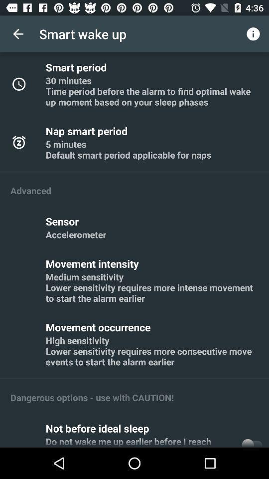  I want to click on the item to the right of do not wake item, so click(251, 441).